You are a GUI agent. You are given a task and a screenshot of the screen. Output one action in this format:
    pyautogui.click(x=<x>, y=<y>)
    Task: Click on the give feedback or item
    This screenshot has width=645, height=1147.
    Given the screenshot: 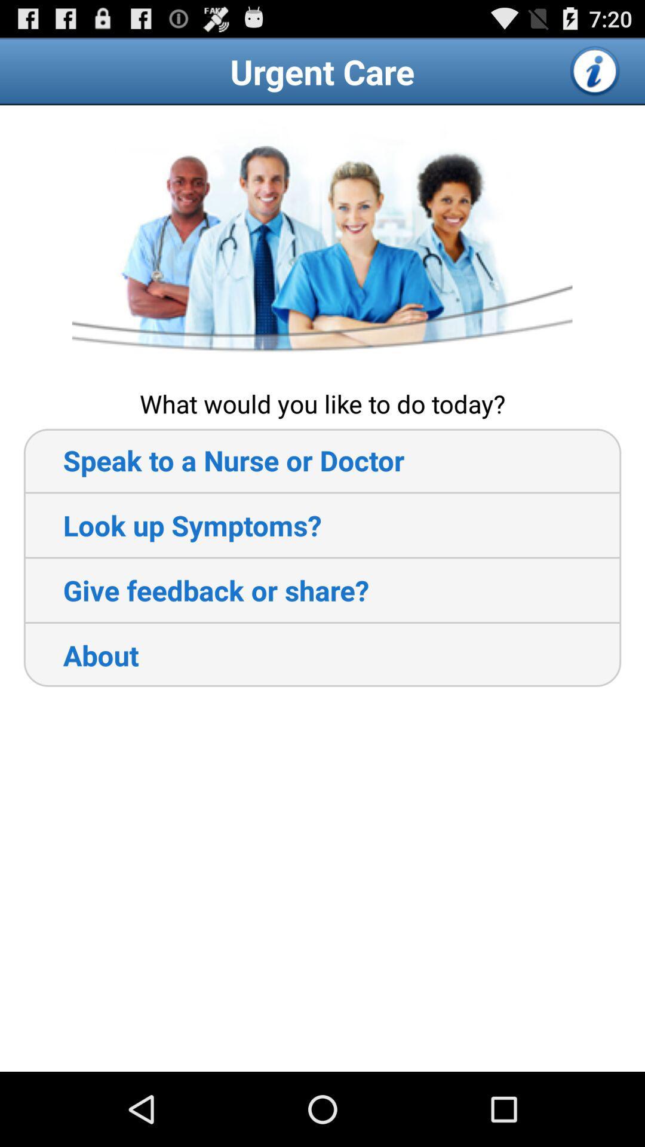 What is the action you would take?
    pyautogui.click(x=195, y=590)
    